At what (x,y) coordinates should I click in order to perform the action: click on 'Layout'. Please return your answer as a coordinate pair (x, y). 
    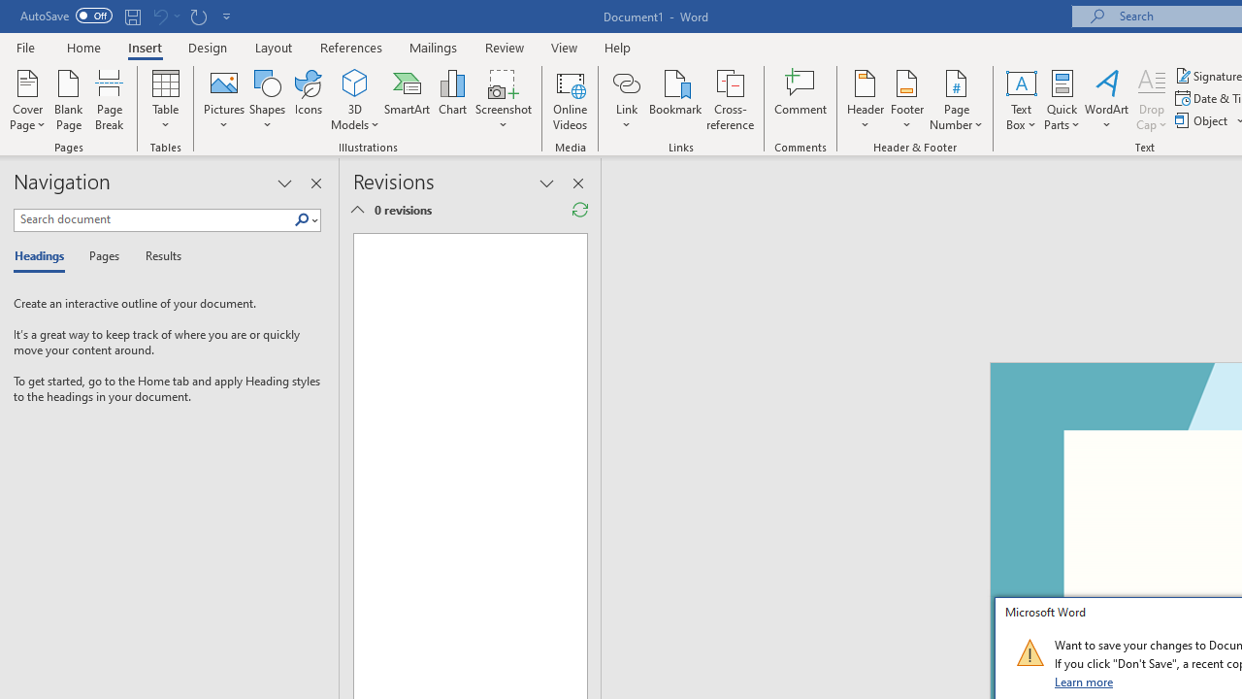
    Looking at the image, I should click on (273, 47).